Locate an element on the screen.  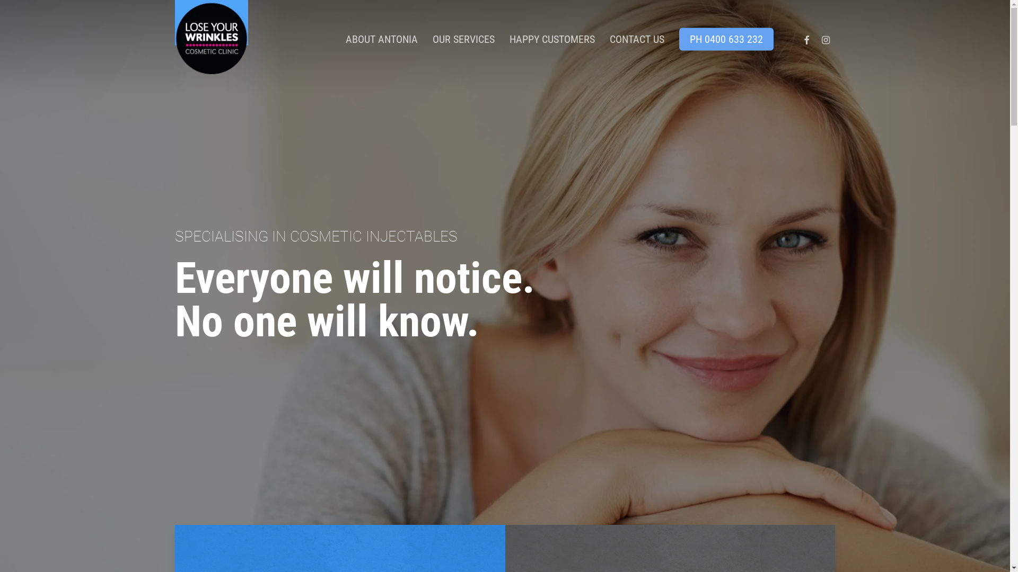
'CONTACT US' is located at coordinates (636, 38).